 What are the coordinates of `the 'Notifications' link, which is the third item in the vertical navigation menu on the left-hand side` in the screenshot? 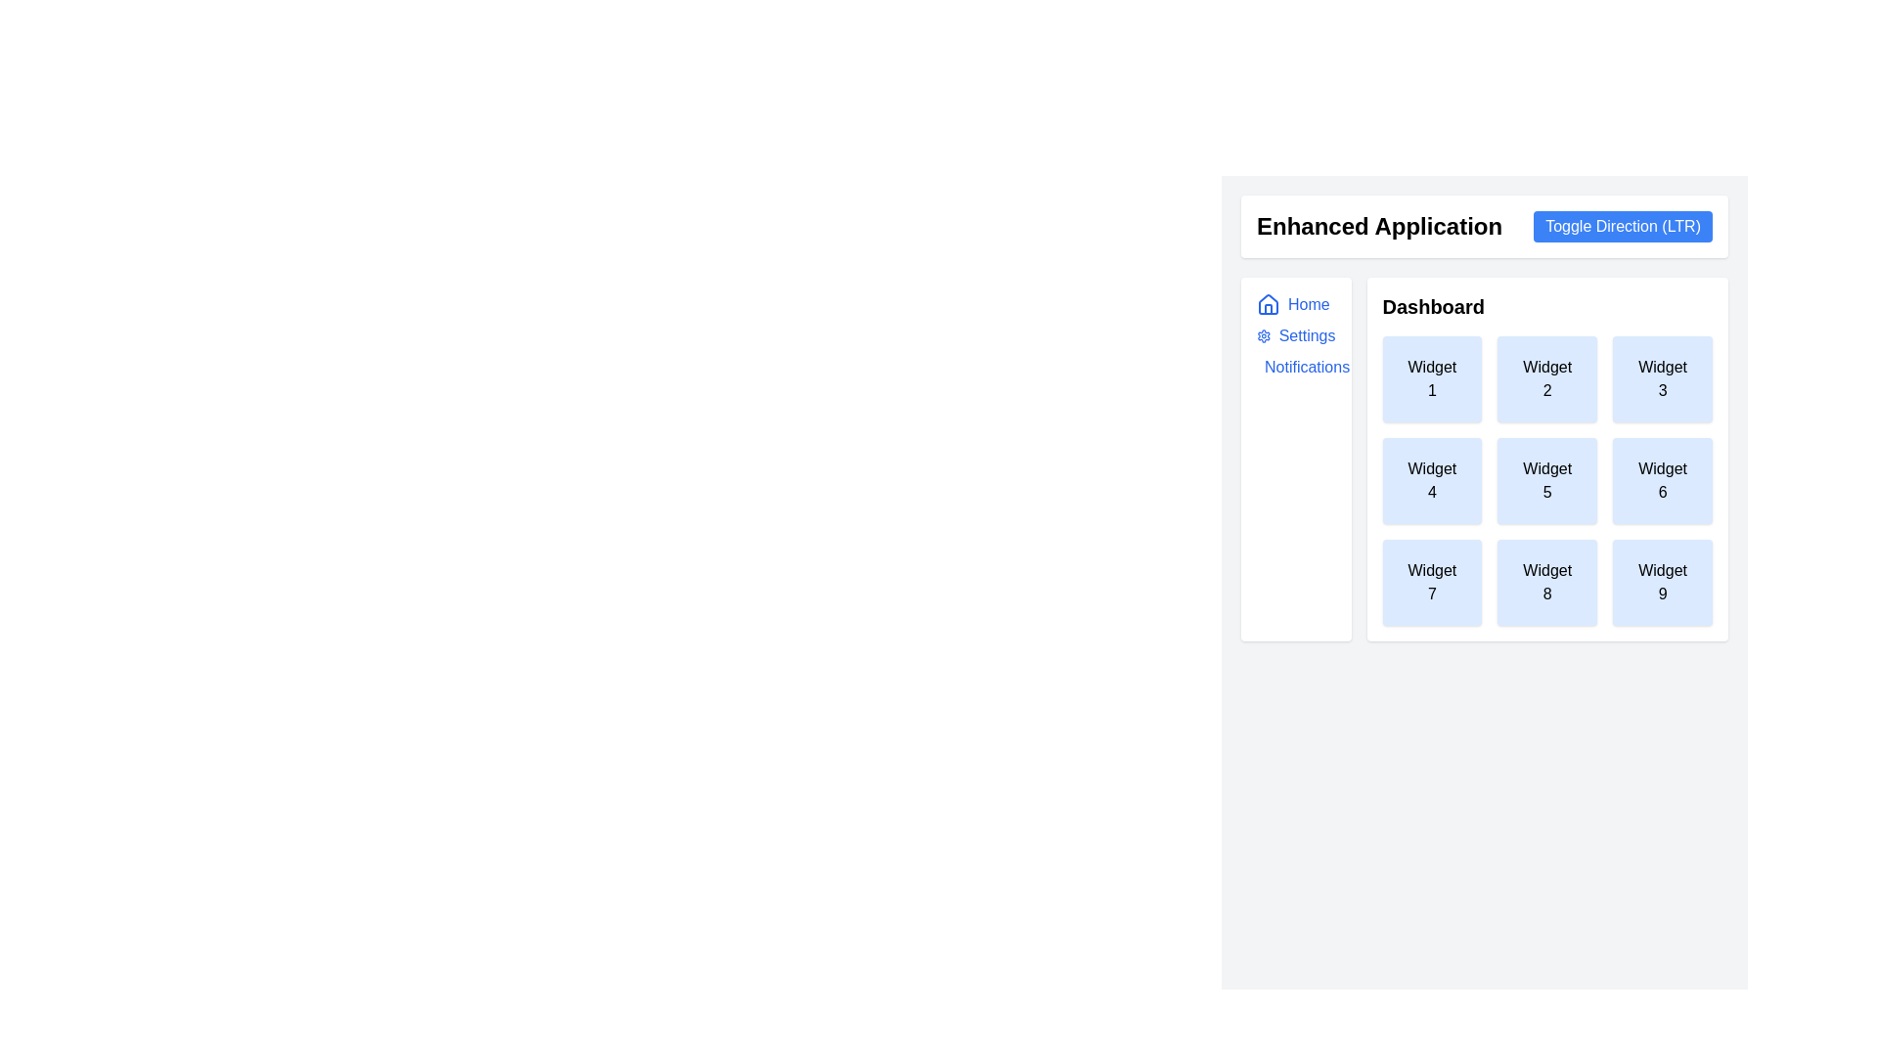 It's located at (1295, 367).